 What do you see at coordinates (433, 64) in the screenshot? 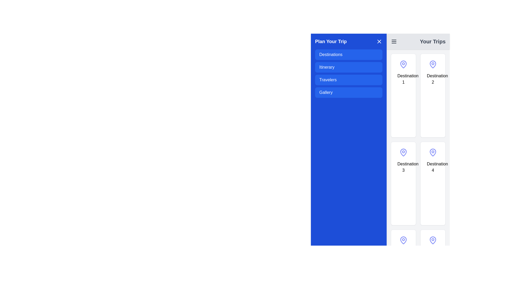
I see `the map pin icon with a blue tint located on the card labeled 'Destination 2' in the 'Your Trips' section by moving the cursor to its center point` at bounding box center [433, 64].